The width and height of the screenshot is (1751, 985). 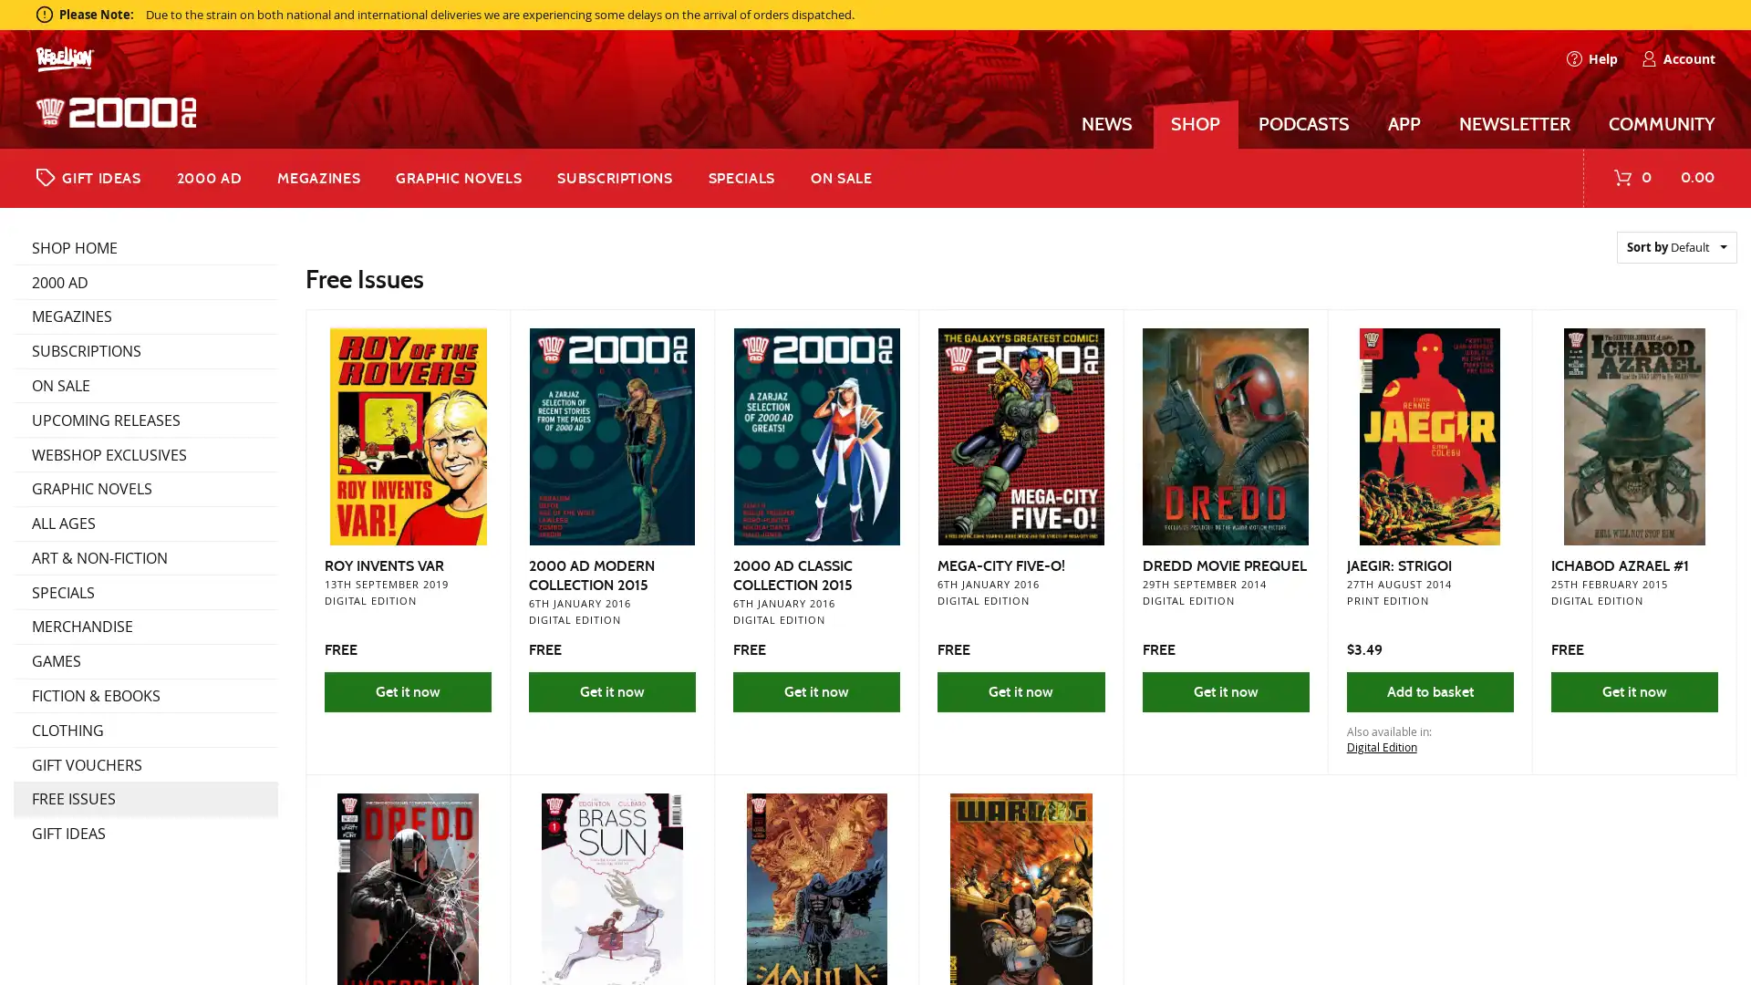 What do you see at coordinates (815, 691) in the screenshot?
I see `Get it now` at bounding box center [815, 691].